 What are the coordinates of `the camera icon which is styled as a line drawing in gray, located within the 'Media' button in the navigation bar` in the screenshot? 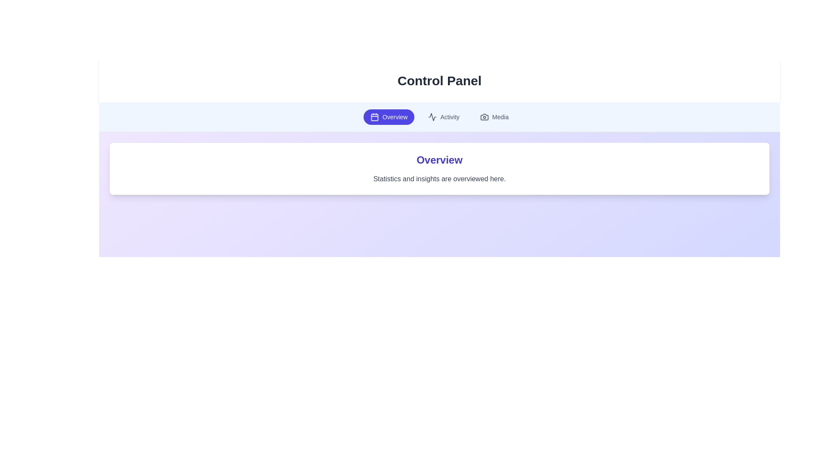 It's located at (484, 117).